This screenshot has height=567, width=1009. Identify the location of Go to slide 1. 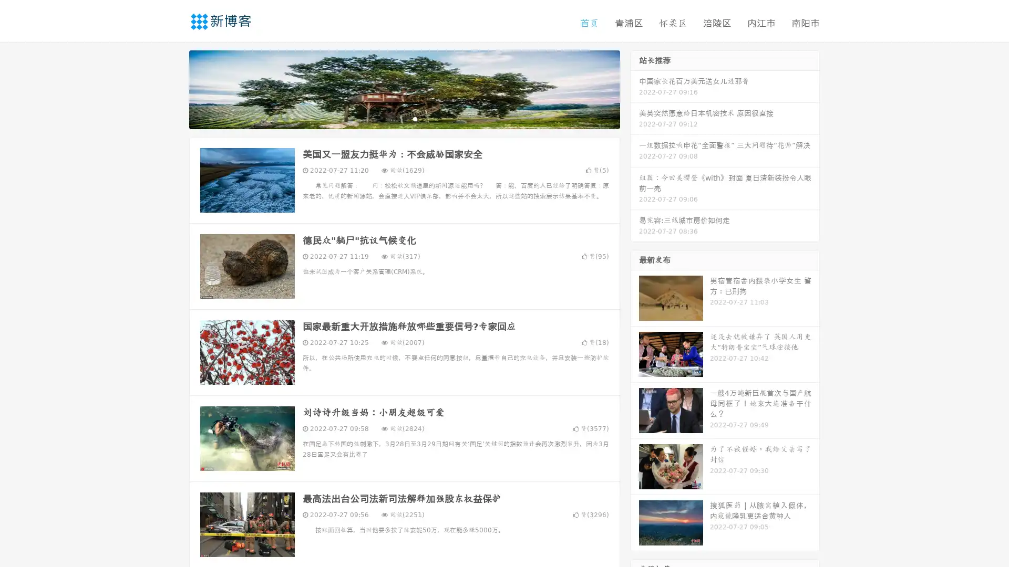
(393, 118).